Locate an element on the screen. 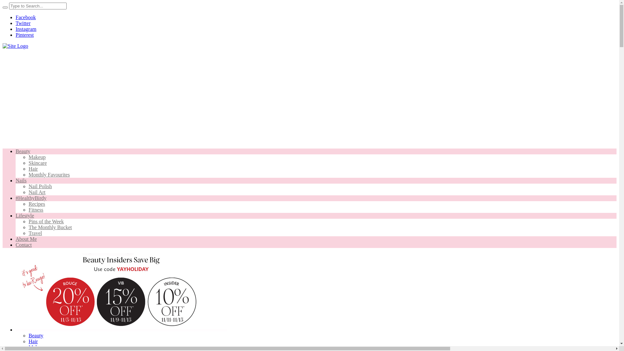 Image resolution: width=624 pixels, height=351 pixels. 'Skincare' is located at coordinates (28, 162).